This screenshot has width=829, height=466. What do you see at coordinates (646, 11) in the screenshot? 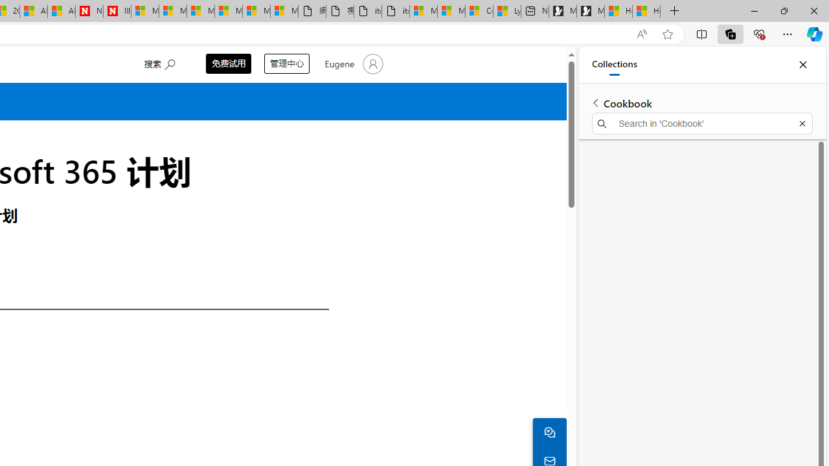
I see `'How to Use a TV as a Computer Monitor'` at bounding box center [646, 11].